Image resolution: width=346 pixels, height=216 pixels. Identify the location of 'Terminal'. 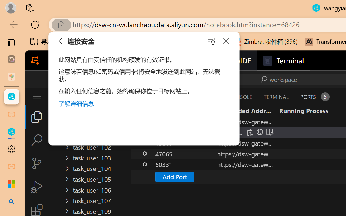
(283, 61).